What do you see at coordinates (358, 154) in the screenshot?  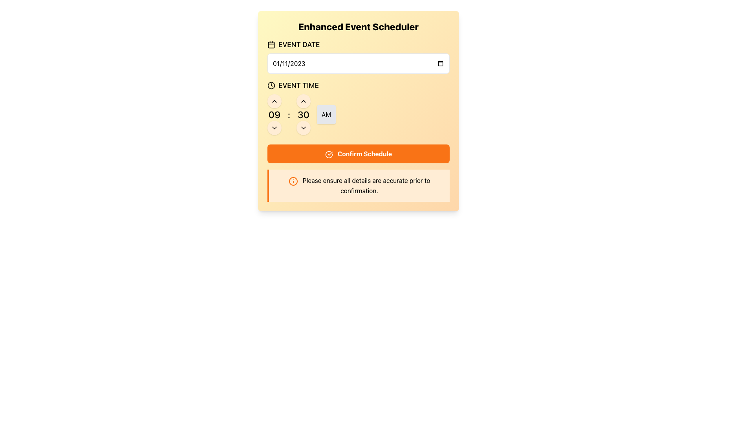 I see `the 'Confirm Schedule' button, which is a bright orange button with rounded corners displaying a bold white text and a checkmark icon, located below the 'Event Time' input controls in the 'Enhanced Event Scheduler' section` at bounding box center [358, 154].